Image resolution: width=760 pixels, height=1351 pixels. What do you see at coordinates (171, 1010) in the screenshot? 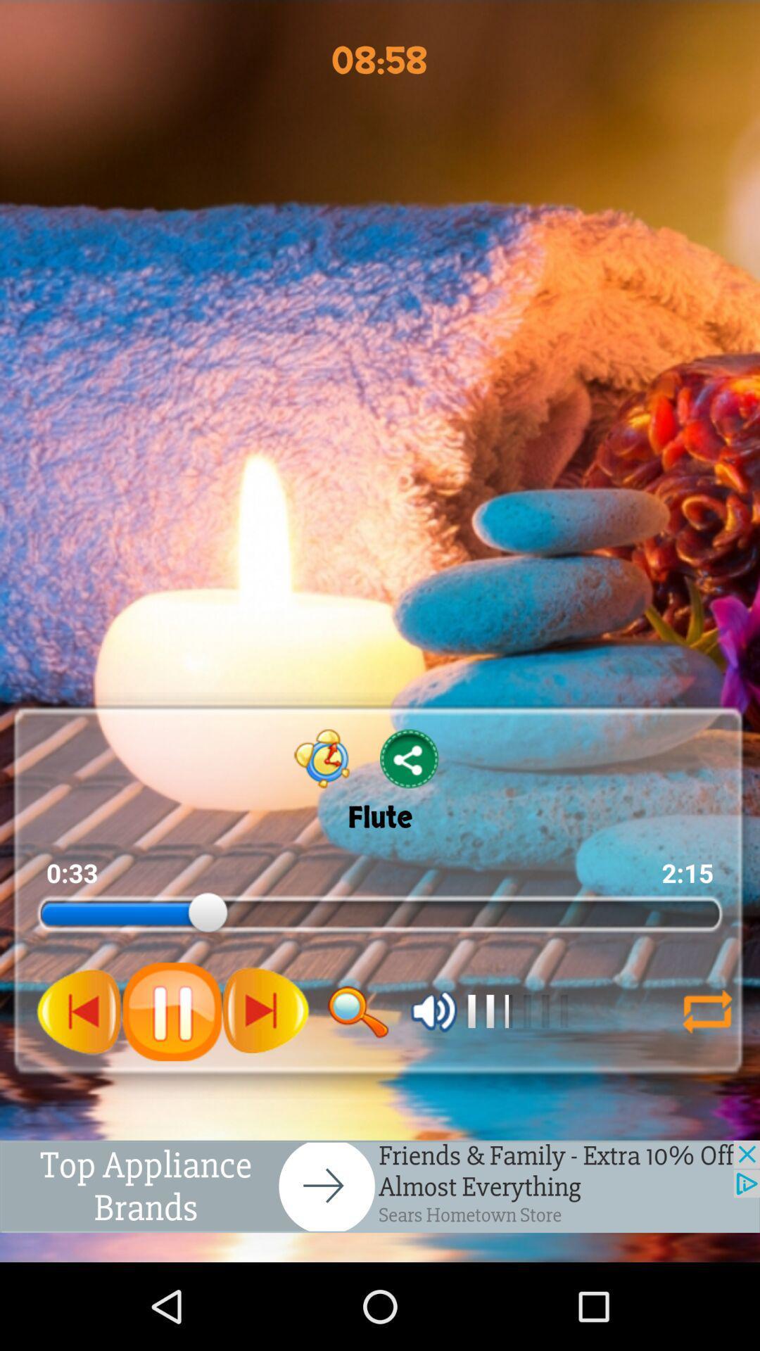
I see `pause the music` at bounding box center [171, 1010].